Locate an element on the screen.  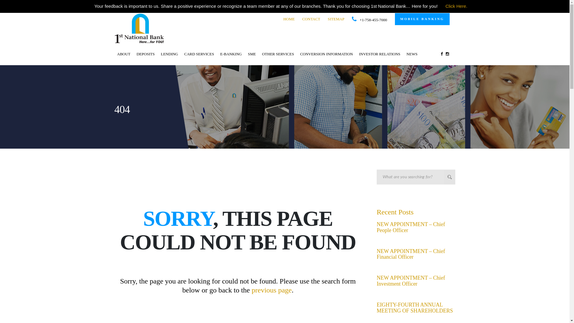
'E-BANKING' is located at coordinates (230, 54).